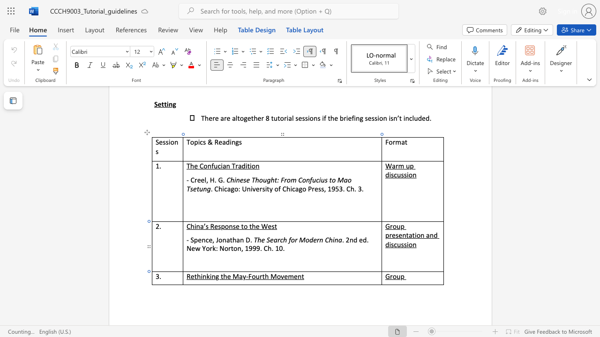  I want to click on the 1th character "n" in the text, so click(404, 234).